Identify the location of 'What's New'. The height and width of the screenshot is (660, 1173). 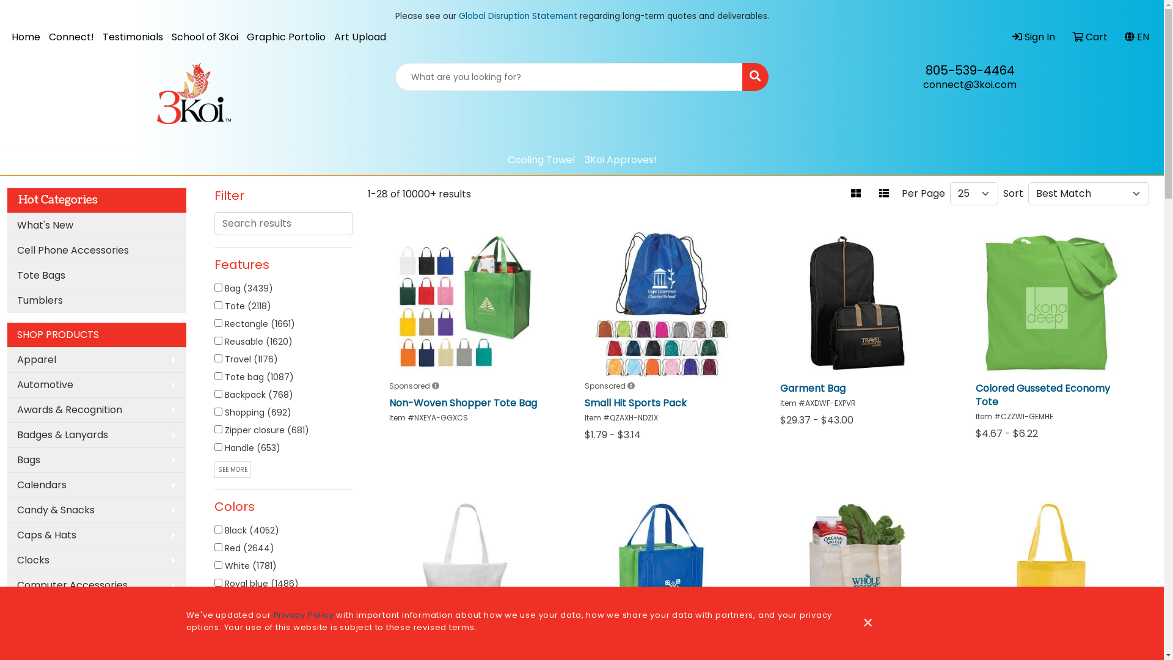
(96, 225).